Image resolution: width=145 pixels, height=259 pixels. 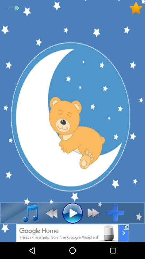 What do you see at coordinates (95, 213) in the screenshot?
I see `forward` at bounding box center [95, 213].